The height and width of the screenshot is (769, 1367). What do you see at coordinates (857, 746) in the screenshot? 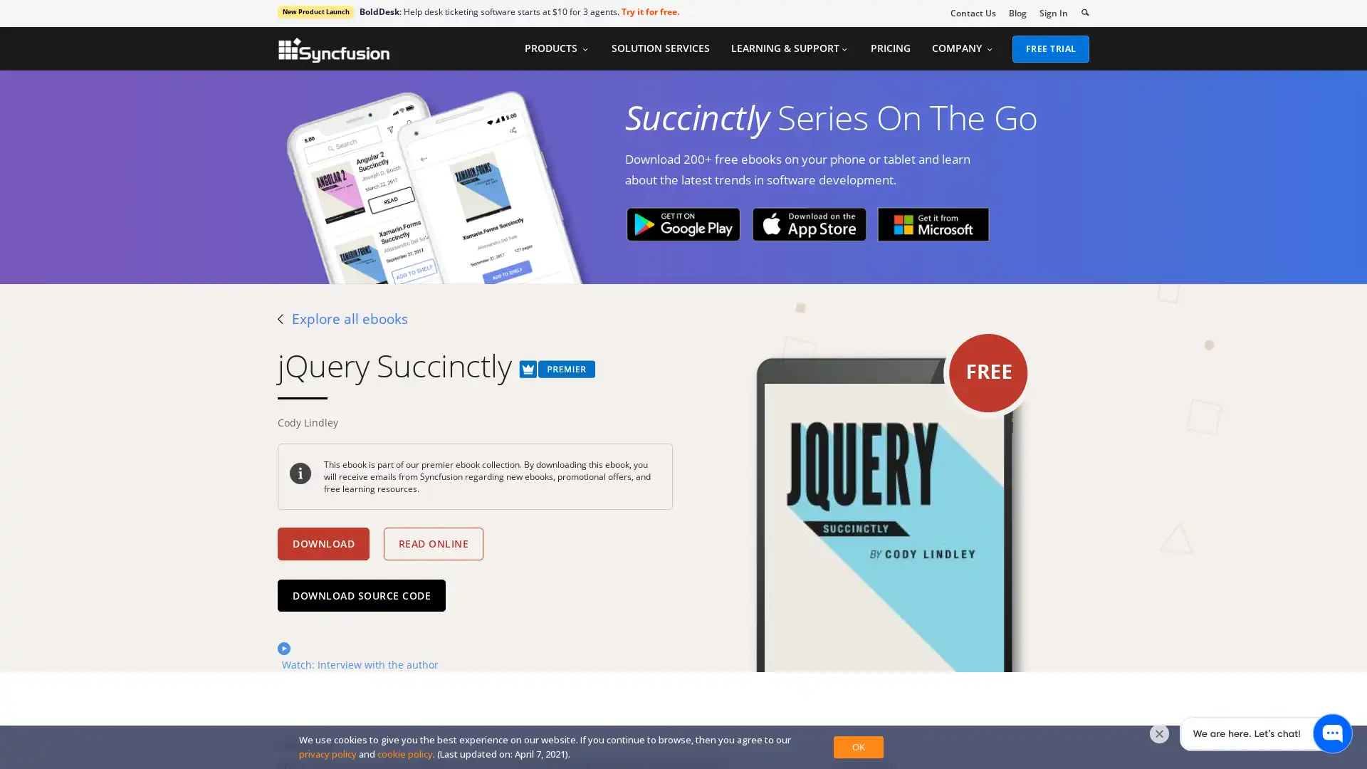
I see `OK` at bounding box center [857, 746].